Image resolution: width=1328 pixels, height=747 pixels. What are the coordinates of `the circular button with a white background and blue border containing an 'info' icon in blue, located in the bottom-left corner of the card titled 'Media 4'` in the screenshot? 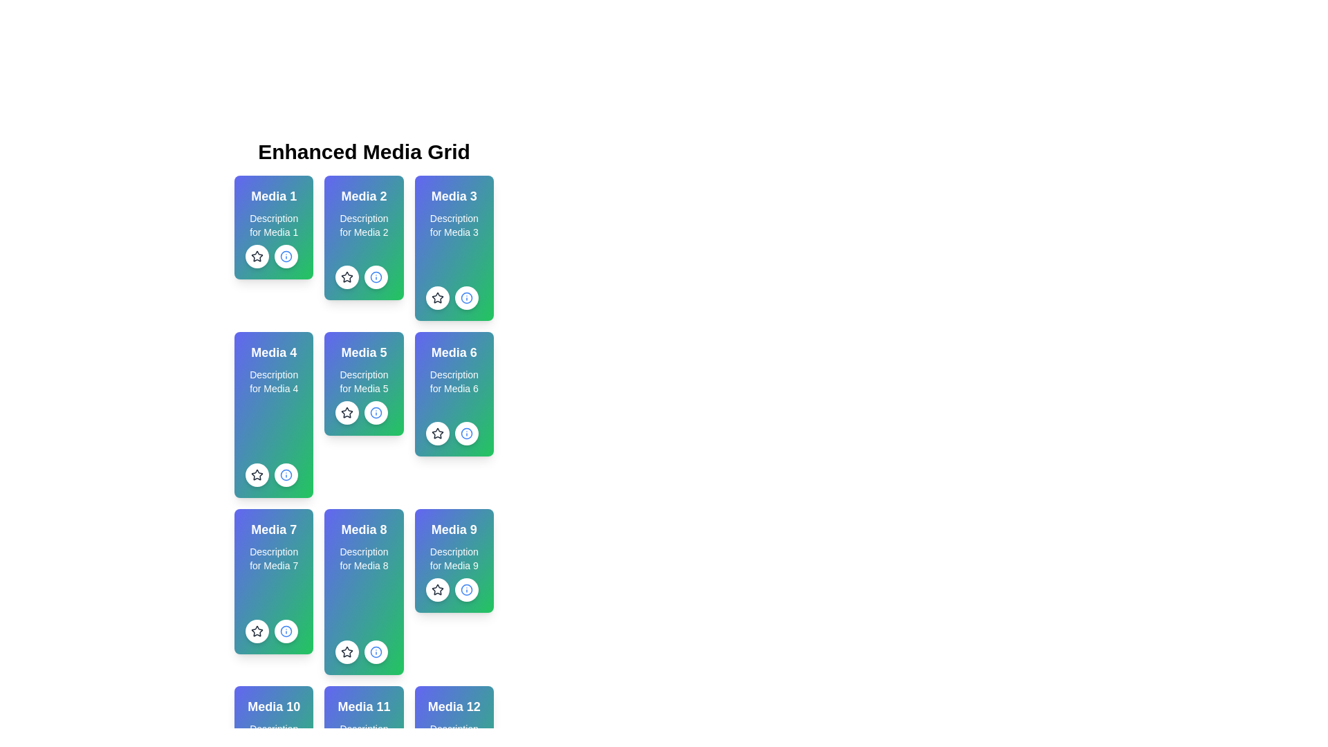 It's located at (285, 474).